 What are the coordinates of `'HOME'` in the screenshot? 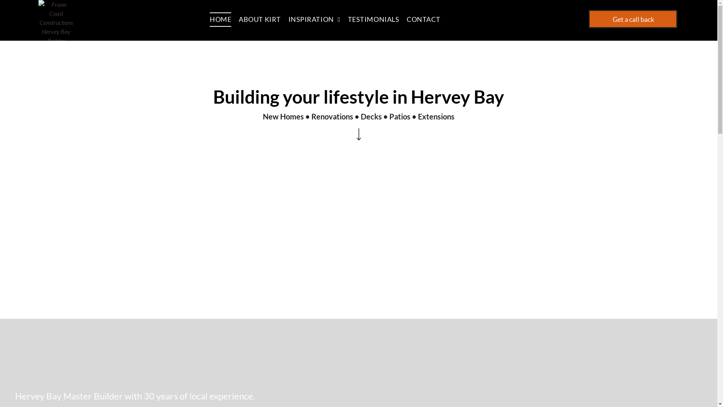 It's located at (224, 19).